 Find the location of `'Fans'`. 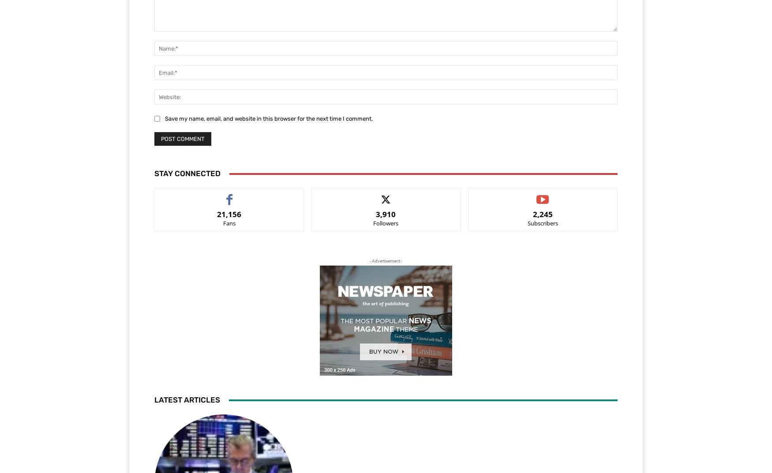

'Fans' is located at coordinates (229, 223).